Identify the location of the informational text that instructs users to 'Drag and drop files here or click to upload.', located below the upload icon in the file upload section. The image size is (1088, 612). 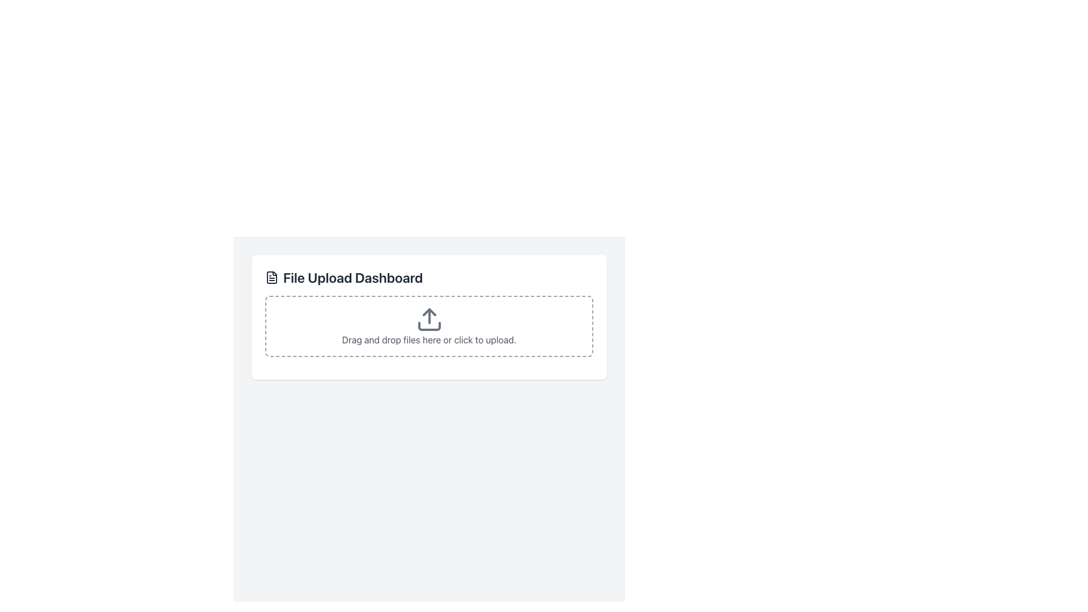
(428, 339).